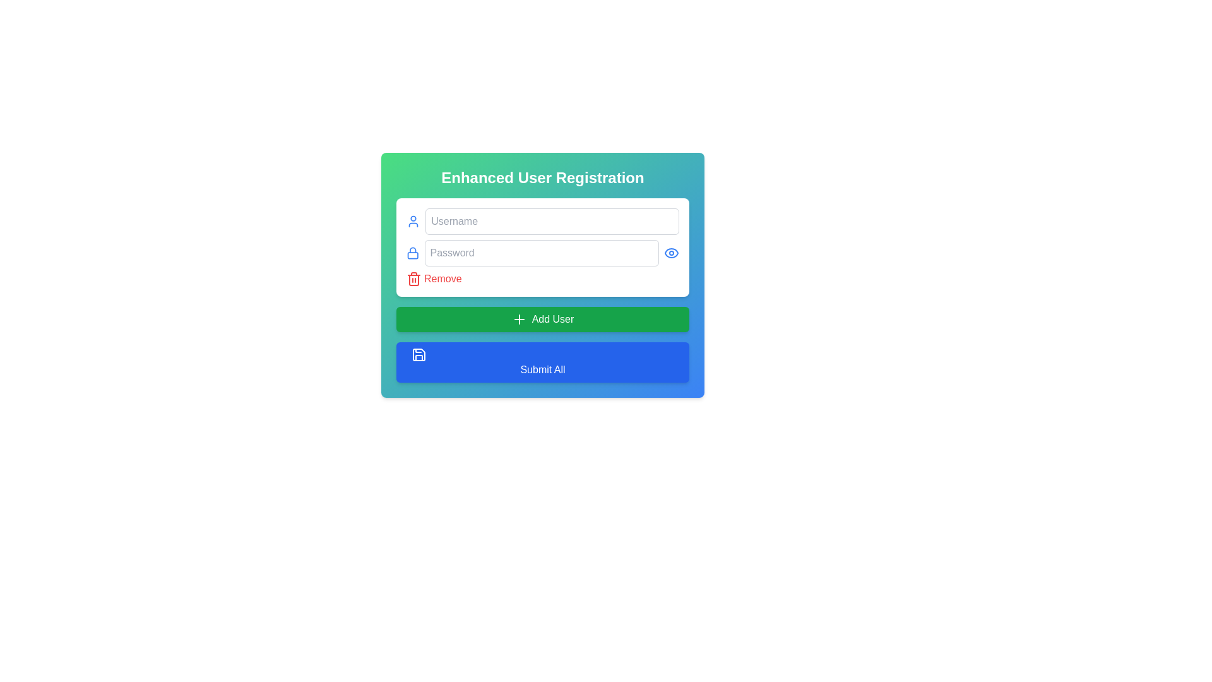 The width and height of the screenshot is (1212, 682). What do you see at coordinates (671, 253) in the screenshot?
I see `the Icon button located at the right end of the password input field` at bounding box center [671, 253].